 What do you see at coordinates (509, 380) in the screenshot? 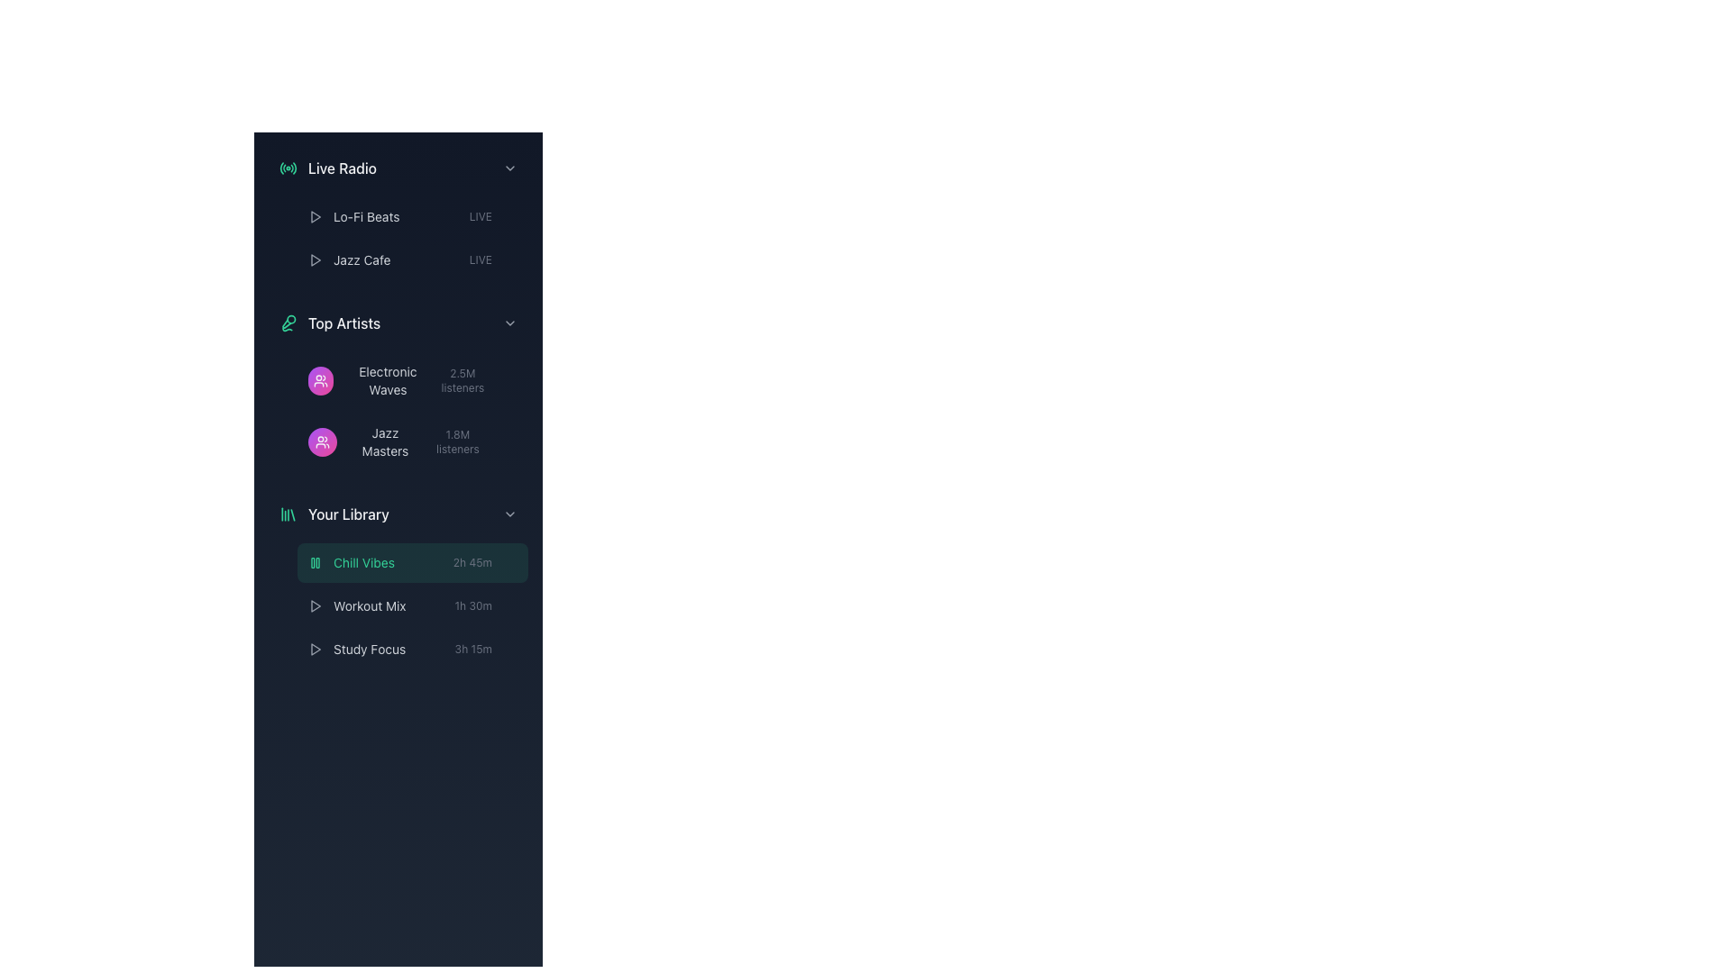
I see `the state change of the interactive heart icon button located to the far right of the '2.5M listeners' text in the 'Top Artists' section upon interaction` at bounding box center [509, 380].